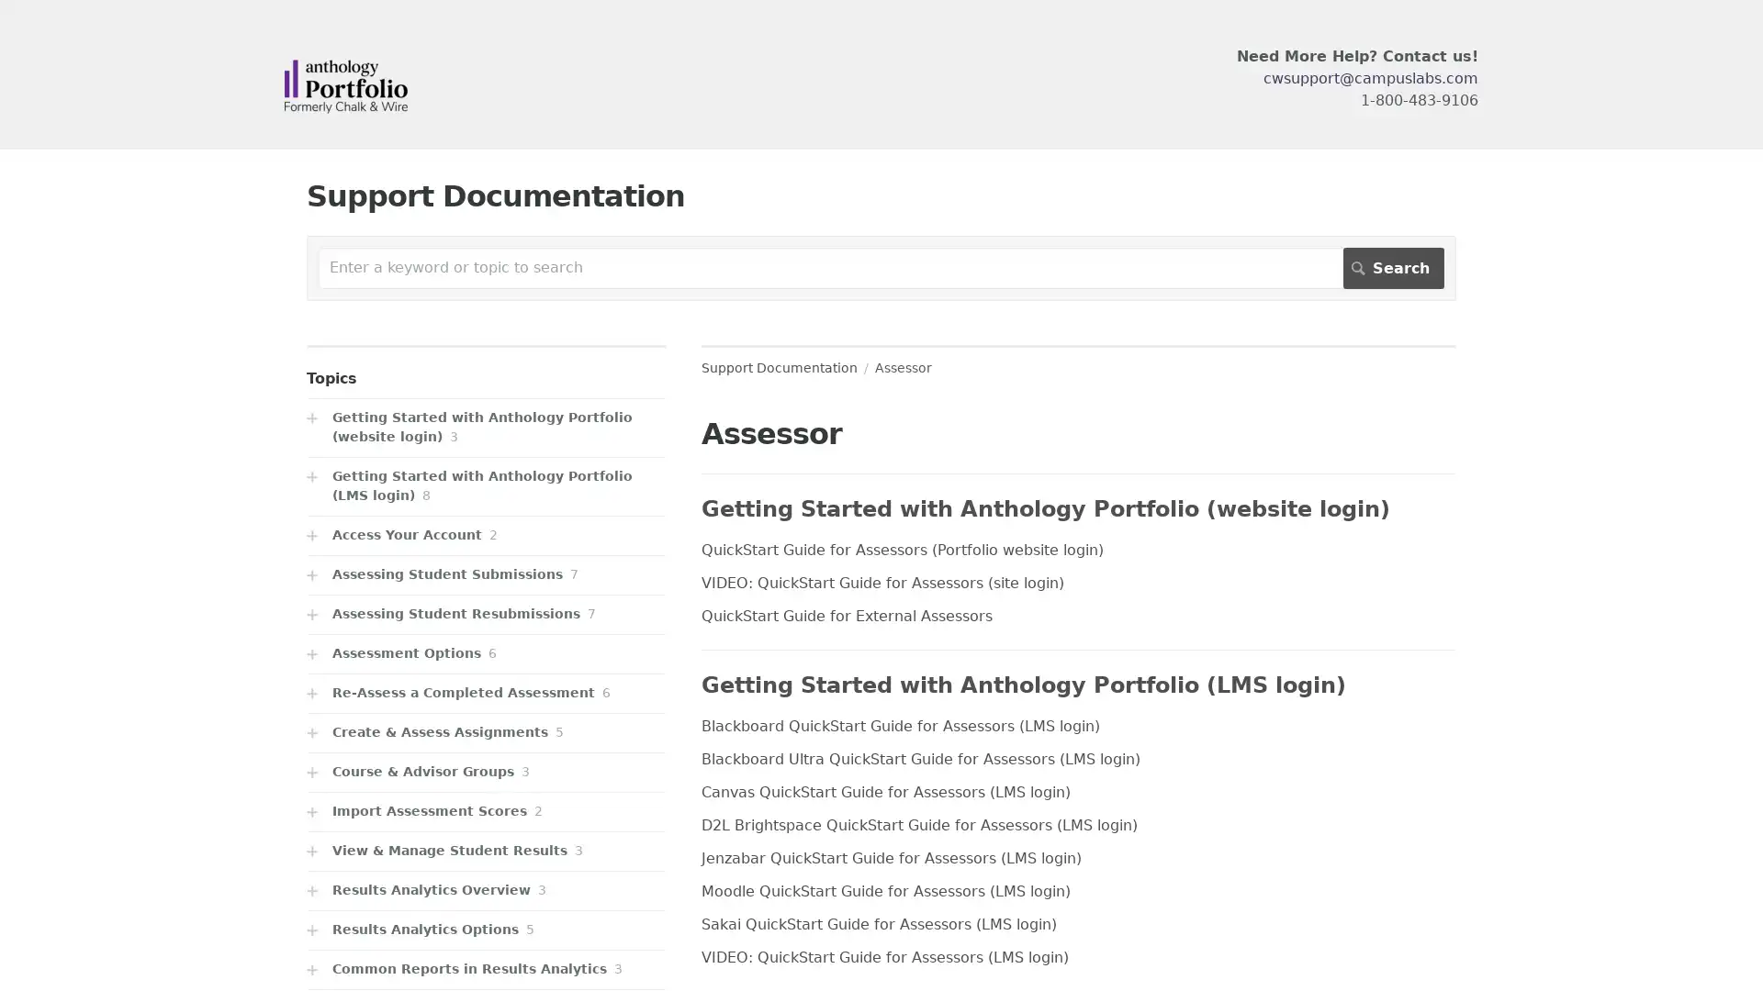 The image size is (1763, 991). I want to click on Assessing Student Resubmissions 7, so click(486, 614).